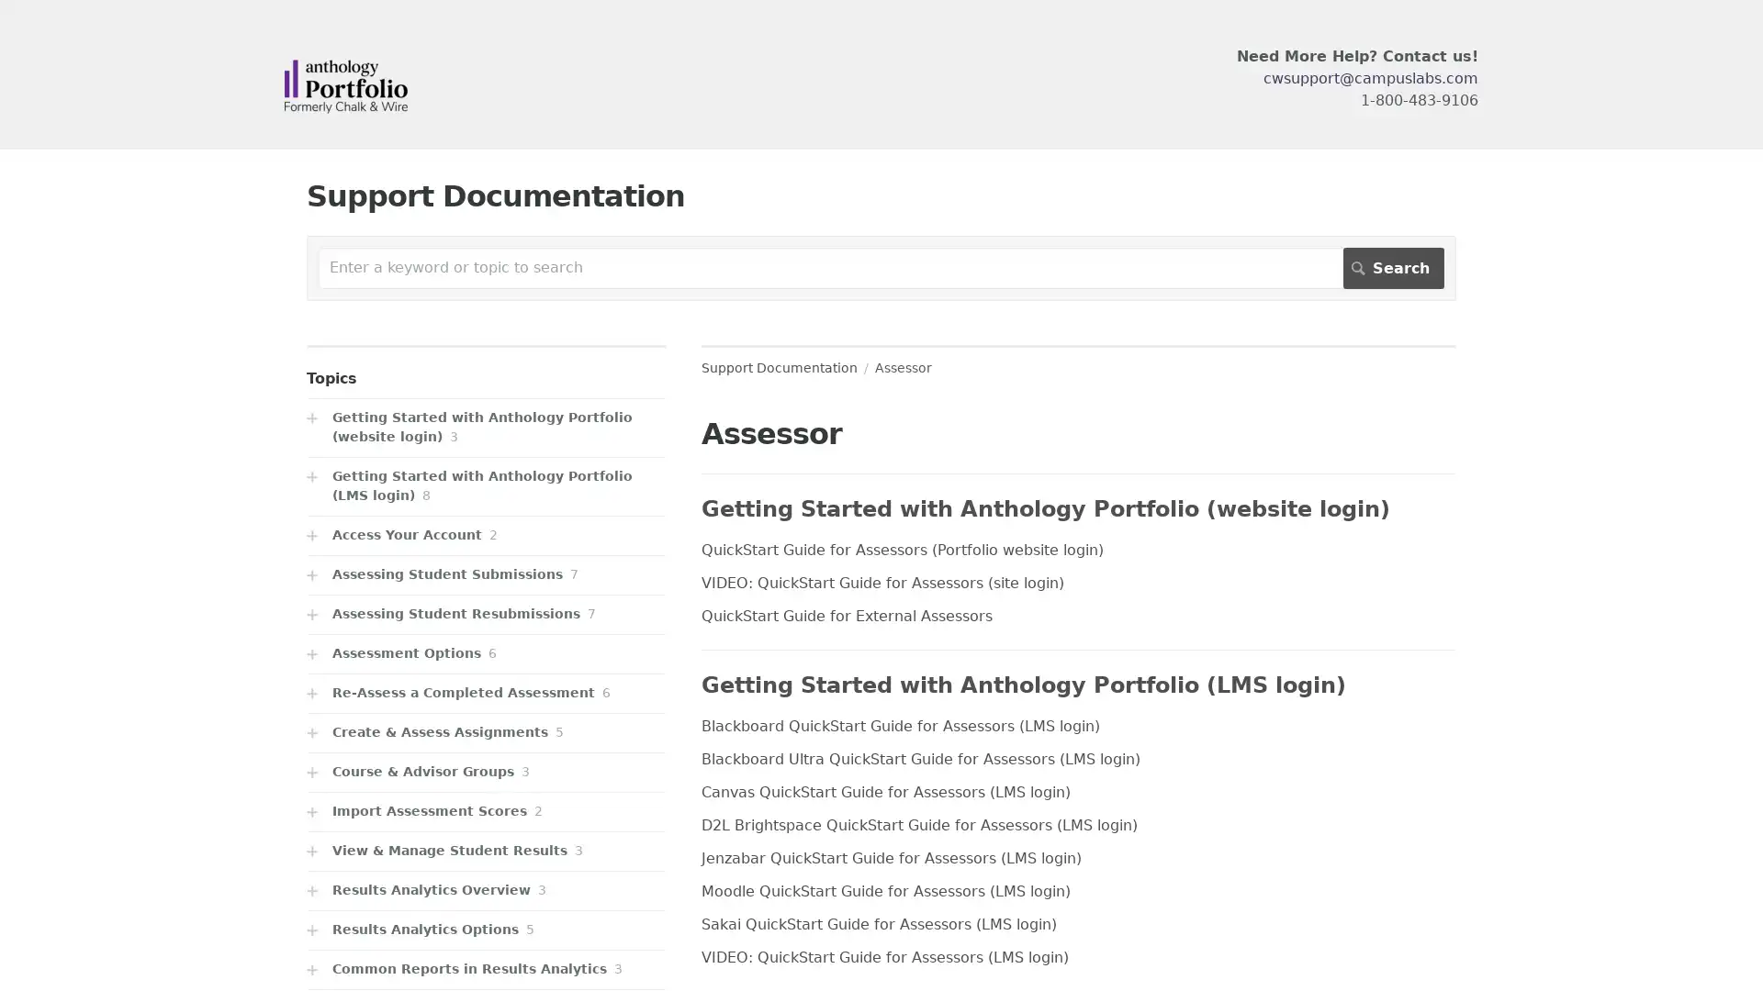 The image size is (1763, 991). I want to click on Assessing Student Resubmissions 7, so click(486, 614).